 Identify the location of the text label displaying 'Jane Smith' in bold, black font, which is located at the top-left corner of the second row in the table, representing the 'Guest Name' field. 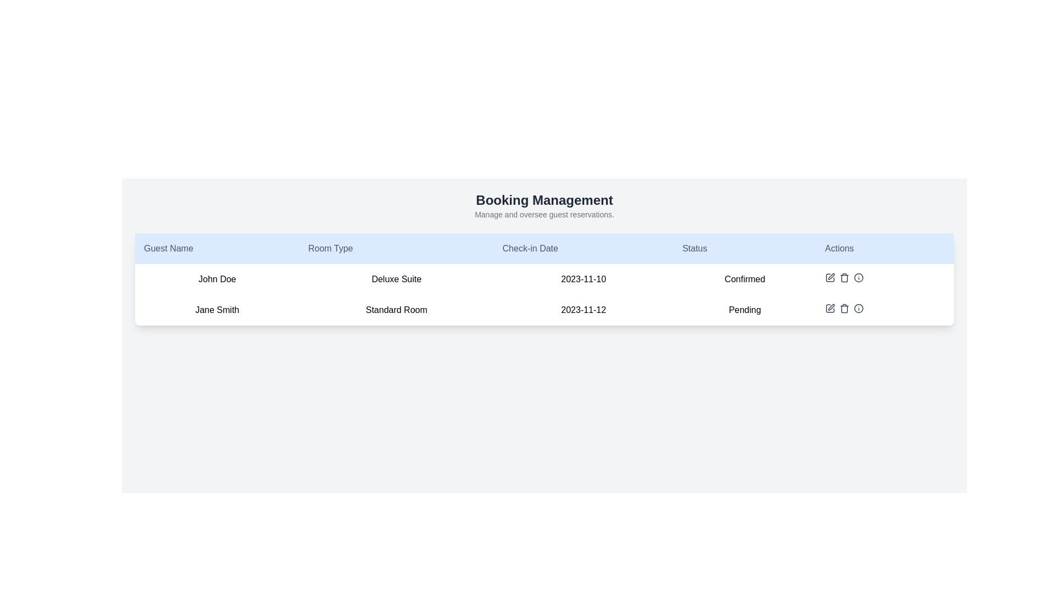
(217, 310).